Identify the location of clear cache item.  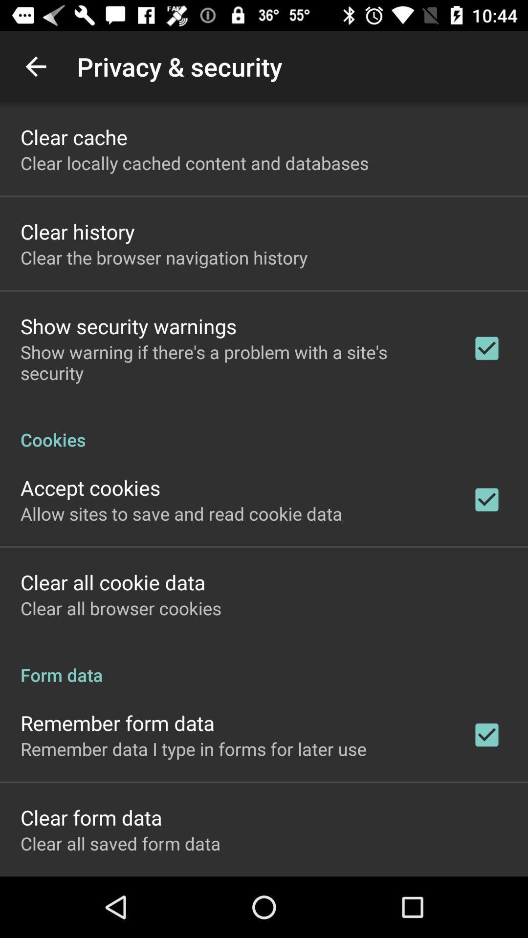
(73, 136).